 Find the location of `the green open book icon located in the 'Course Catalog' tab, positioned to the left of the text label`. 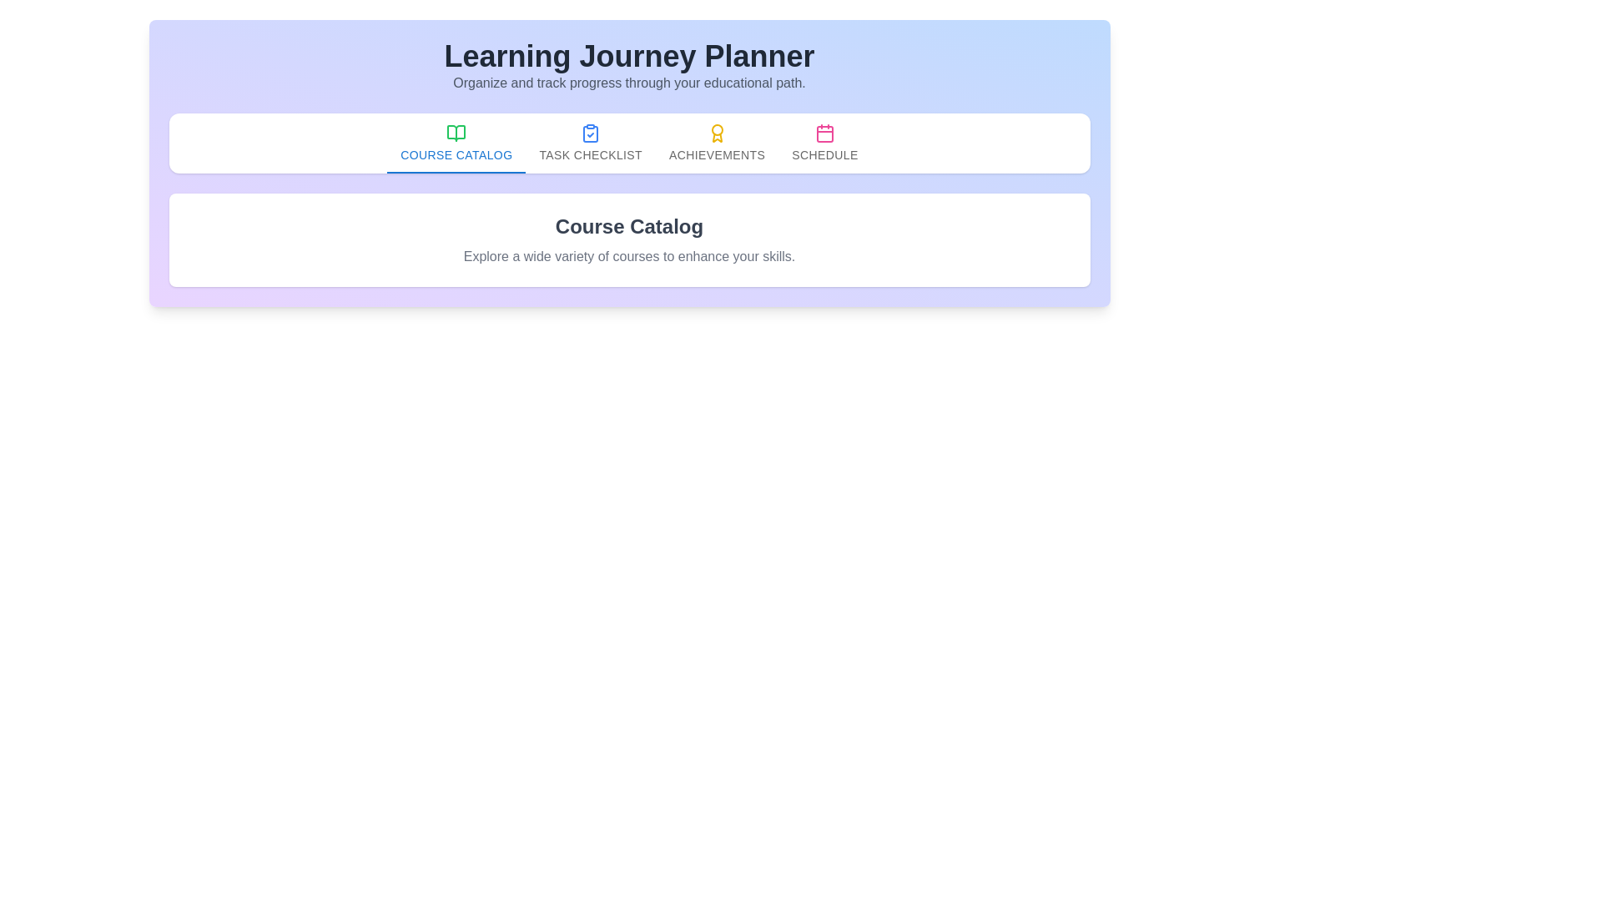

the green open book icon located in the 'Course Catalog' tab, positioned to the left of the text label is located at coordinates (456, 133).